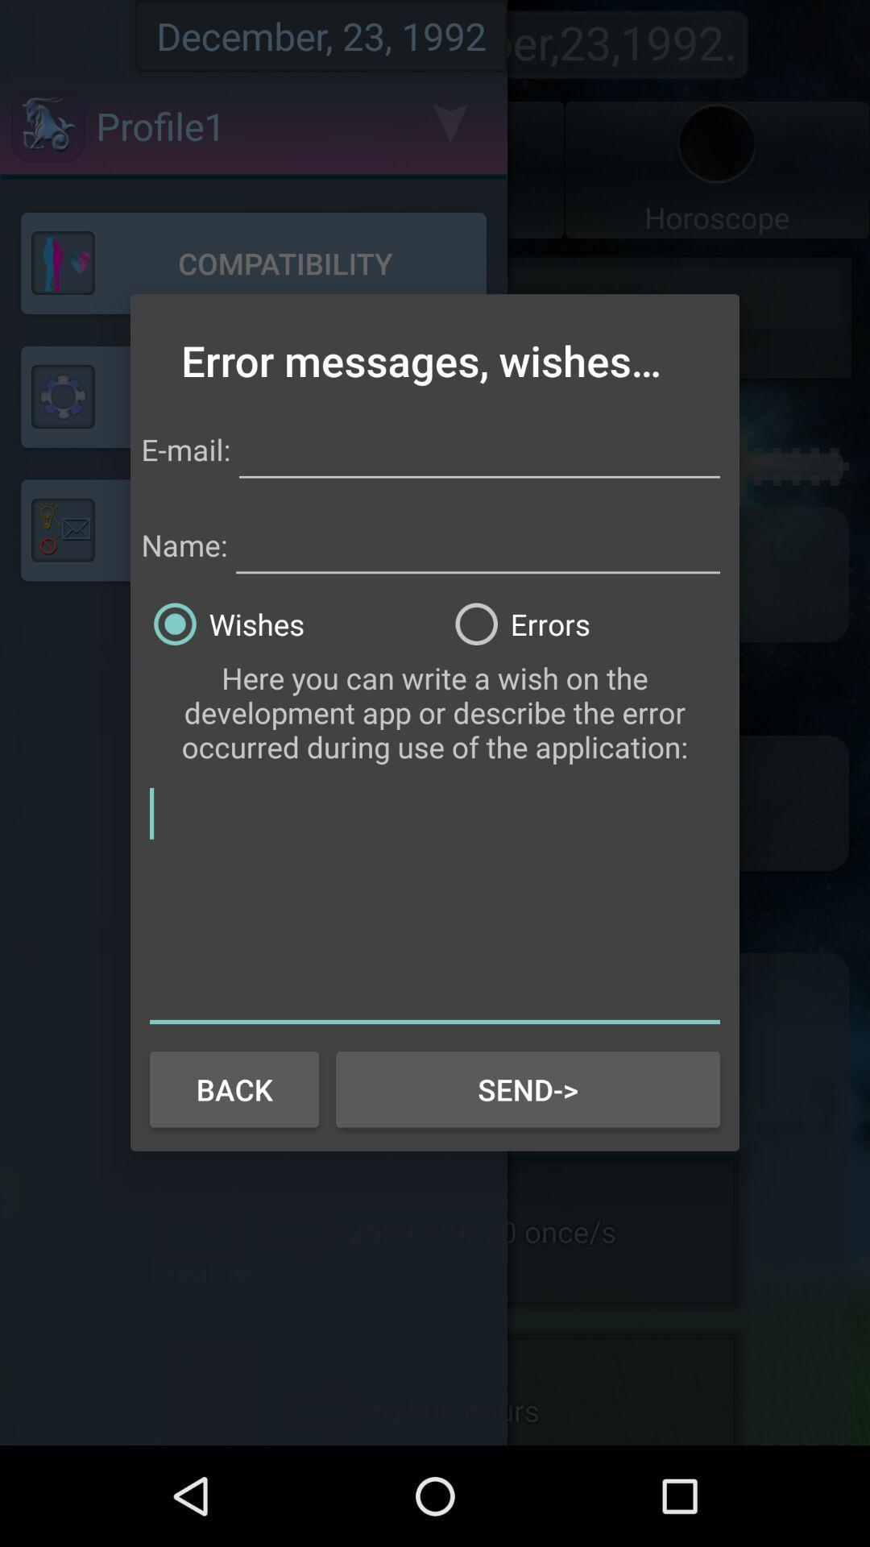 The width and height of the screenshot is (870, 1547). Describe the element at coordinates (528, 1089) in the screenshot. I see `the send->` at that location.